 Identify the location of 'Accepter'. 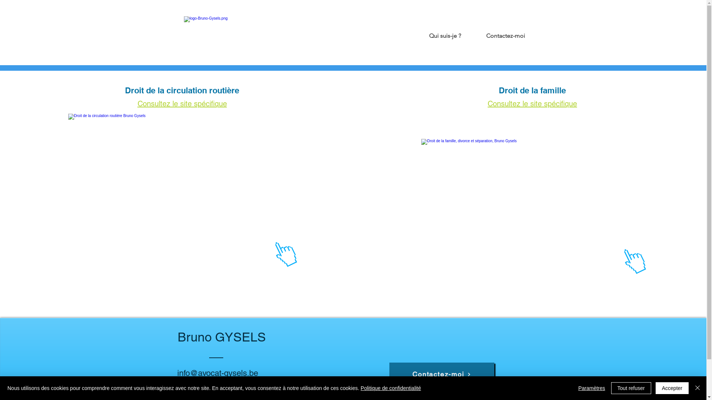
(672, 388).